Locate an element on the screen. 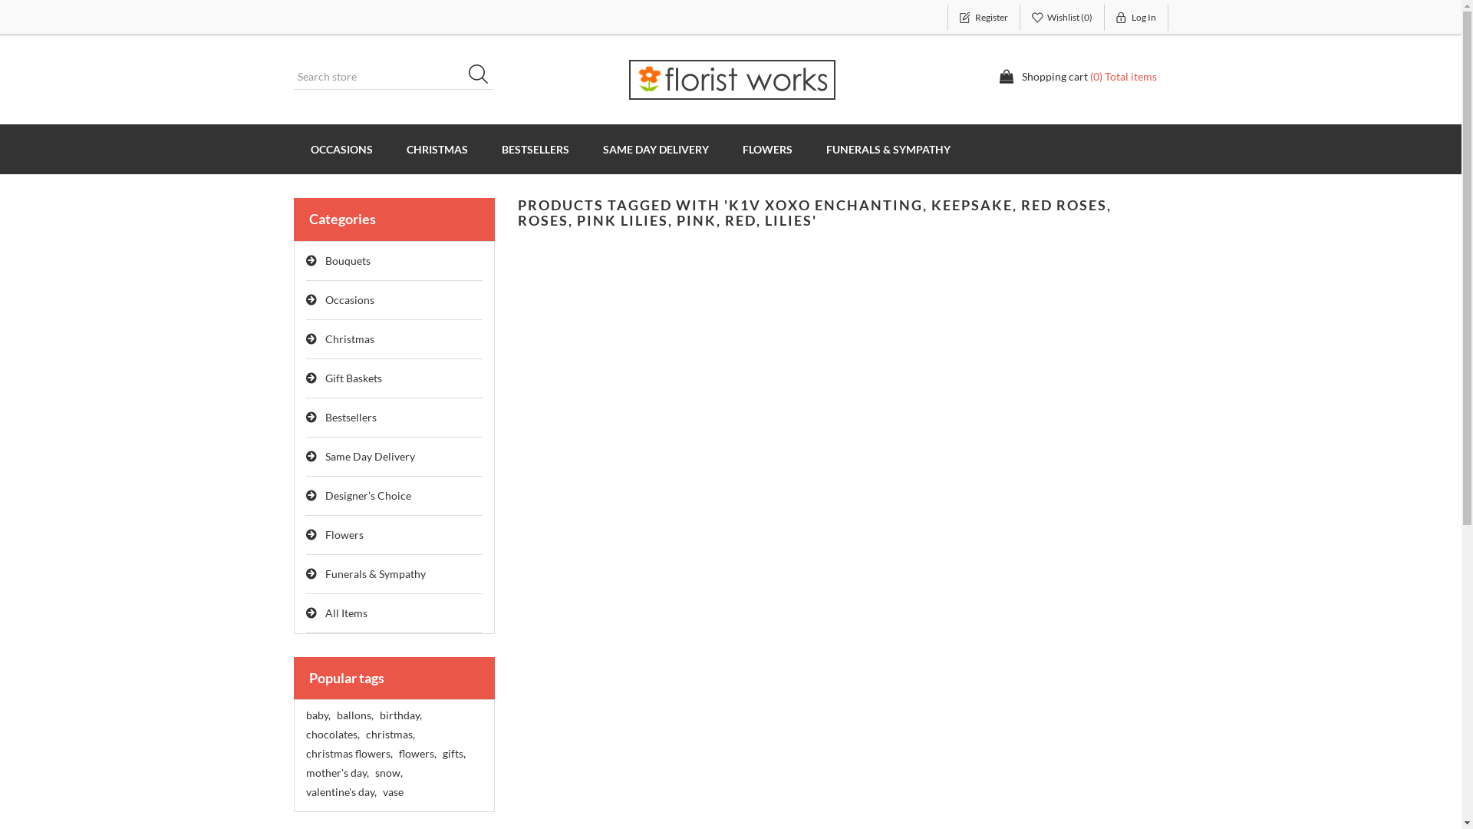 This screenshot has height=829, width=1473. 'birthday,' is located at coordinates (400, 715).